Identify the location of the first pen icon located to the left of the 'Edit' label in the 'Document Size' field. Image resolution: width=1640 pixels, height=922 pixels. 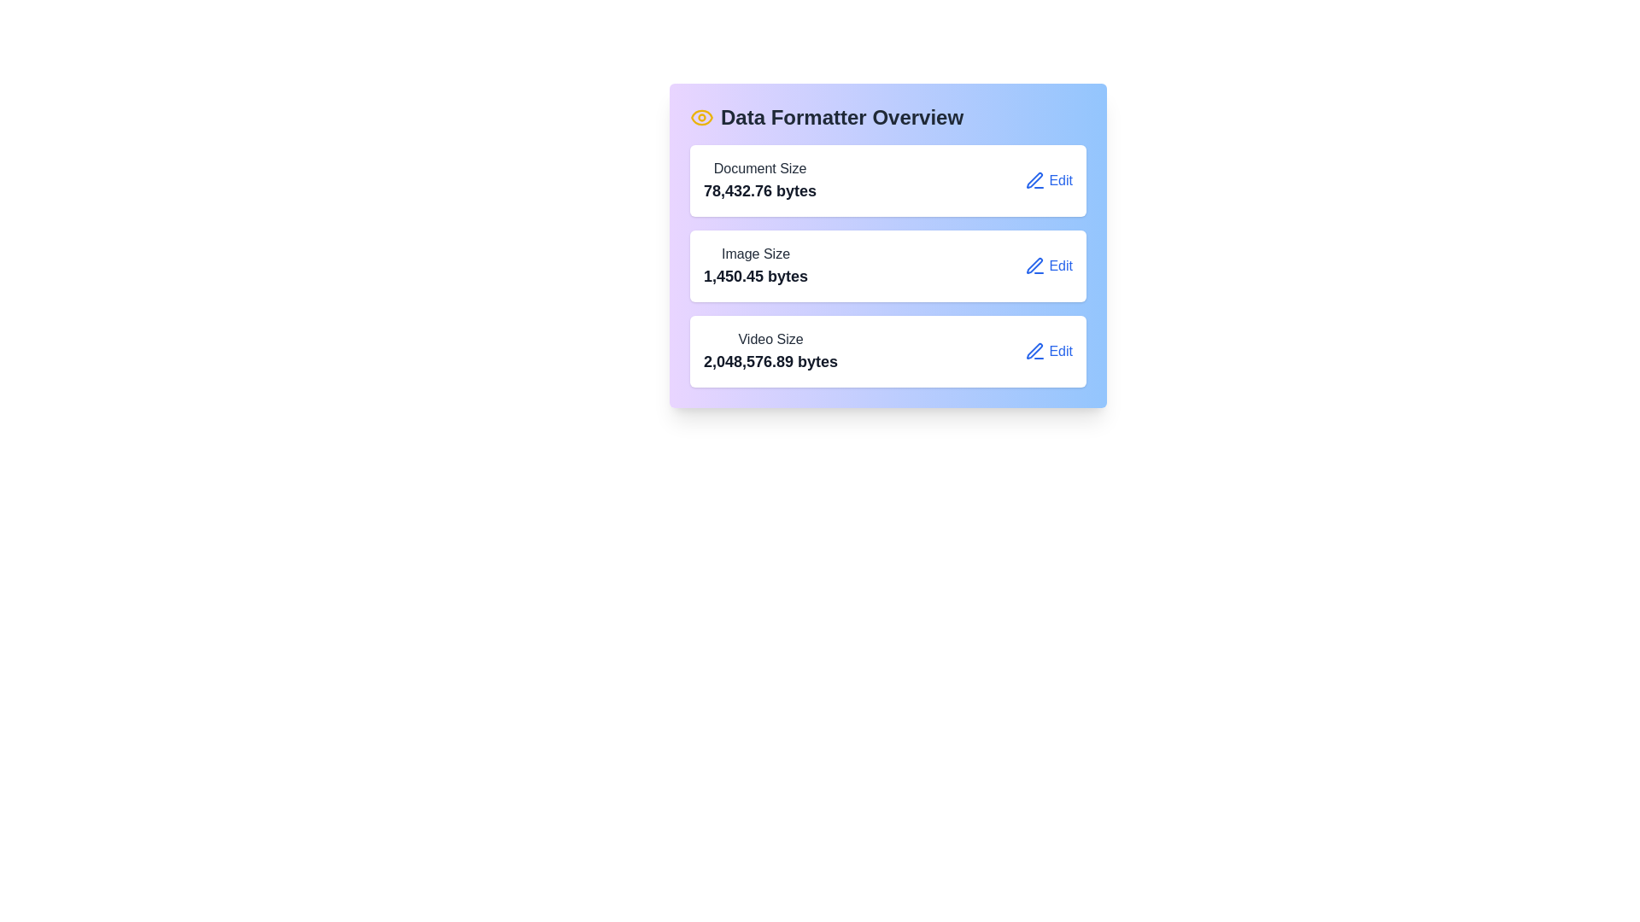
(1034, 181).